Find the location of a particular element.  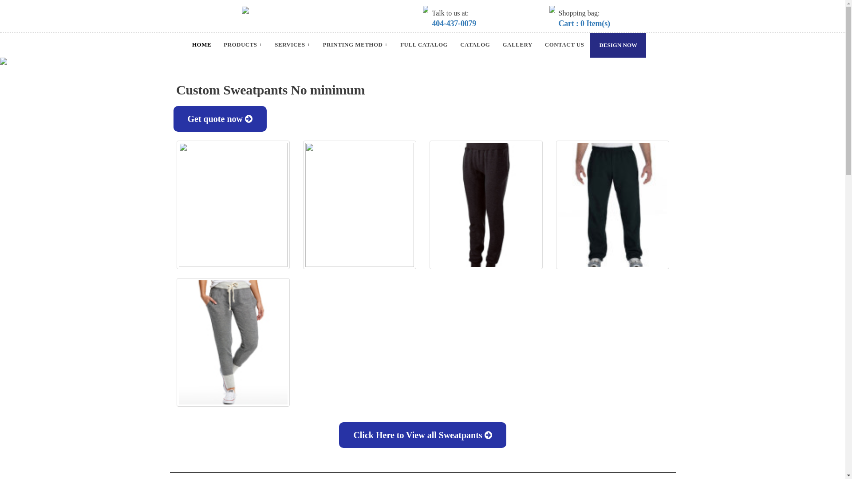

'SERVICES +' is located at coordinates (292, 45).